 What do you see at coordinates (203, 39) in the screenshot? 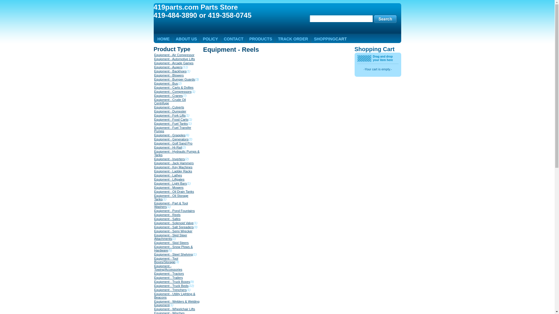
I see `'POLICY'` at bounding box center [203, 39].